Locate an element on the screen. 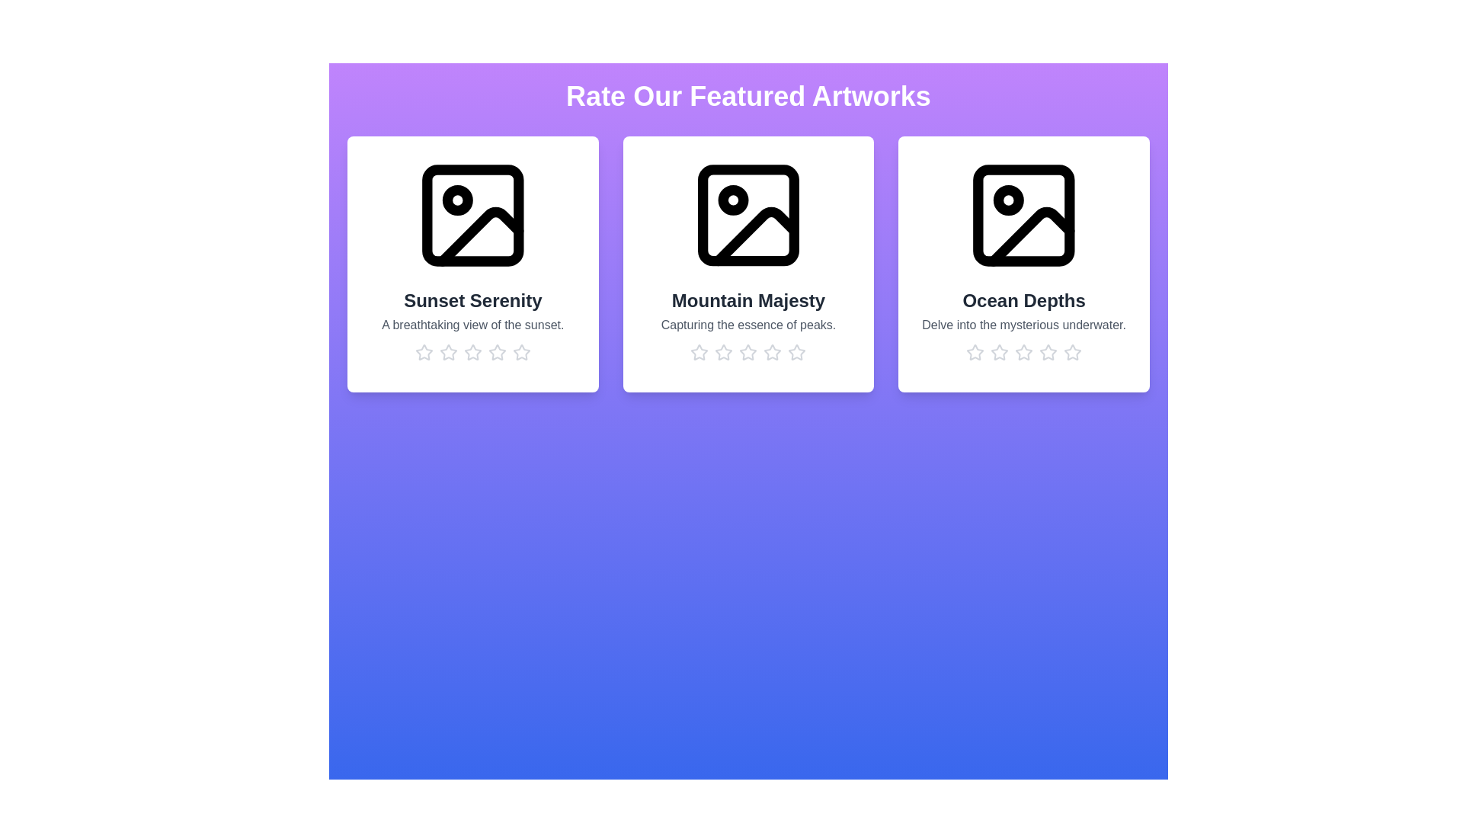 The width and height of the screenshot is (1463, 823). the image placeholder of the artwork to examine it is located at coordinates (471, 215).